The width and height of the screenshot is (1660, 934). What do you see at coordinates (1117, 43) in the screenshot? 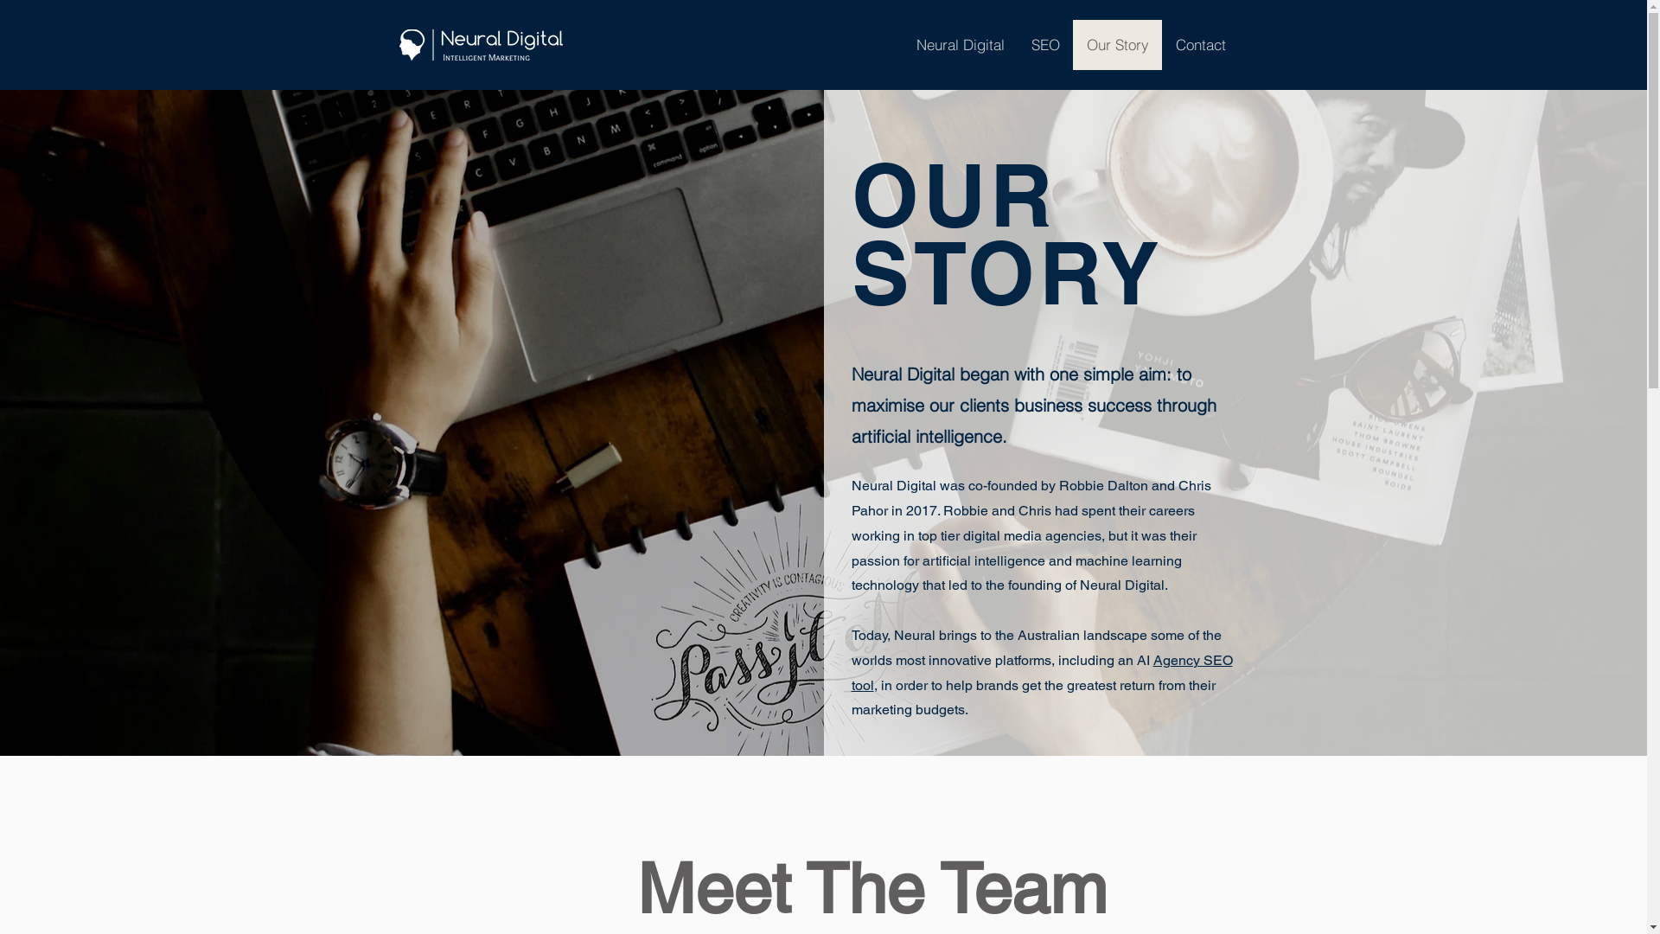
I see `'Our Story'` at bounding box center [1117, 43].